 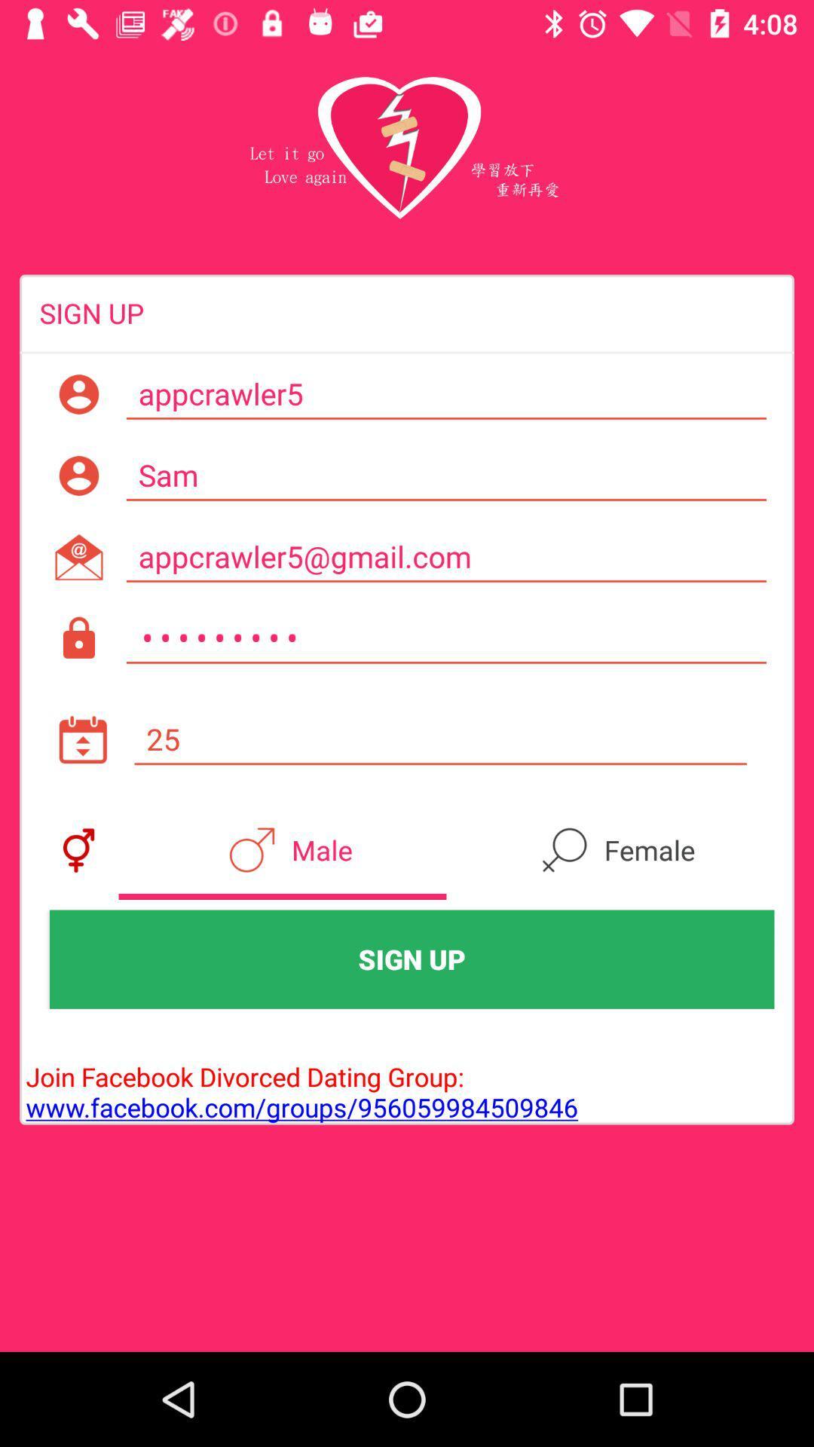 I want to click on join facebook divorced, so click(x=298, y=1075).